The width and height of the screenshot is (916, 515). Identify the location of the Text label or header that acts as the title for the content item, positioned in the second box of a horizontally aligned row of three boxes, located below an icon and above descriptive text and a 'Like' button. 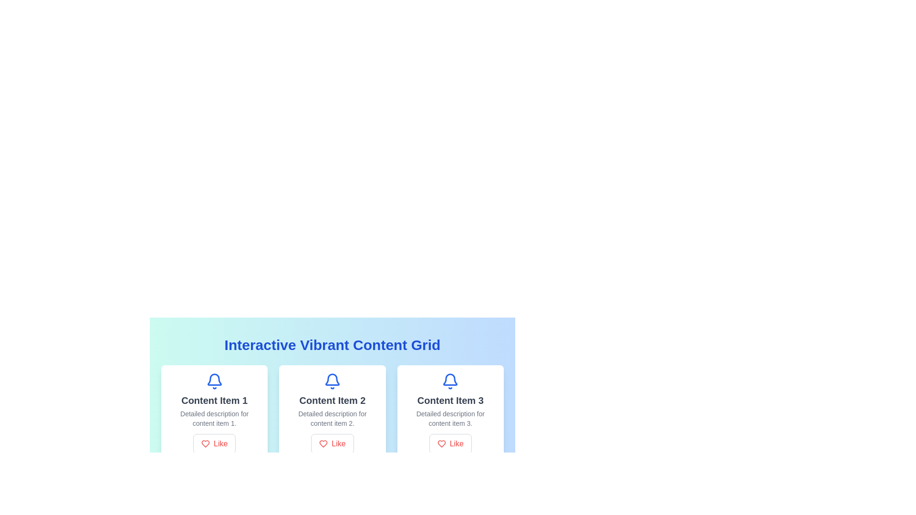
(332, 401).